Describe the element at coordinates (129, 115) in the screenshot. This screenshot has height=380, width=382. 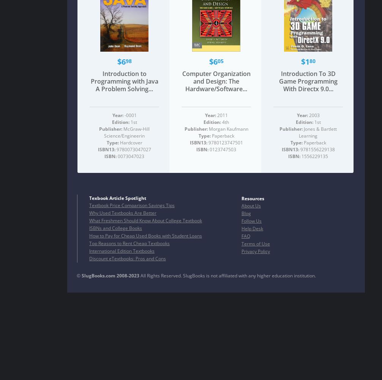
I see `'-0001'` at that location.